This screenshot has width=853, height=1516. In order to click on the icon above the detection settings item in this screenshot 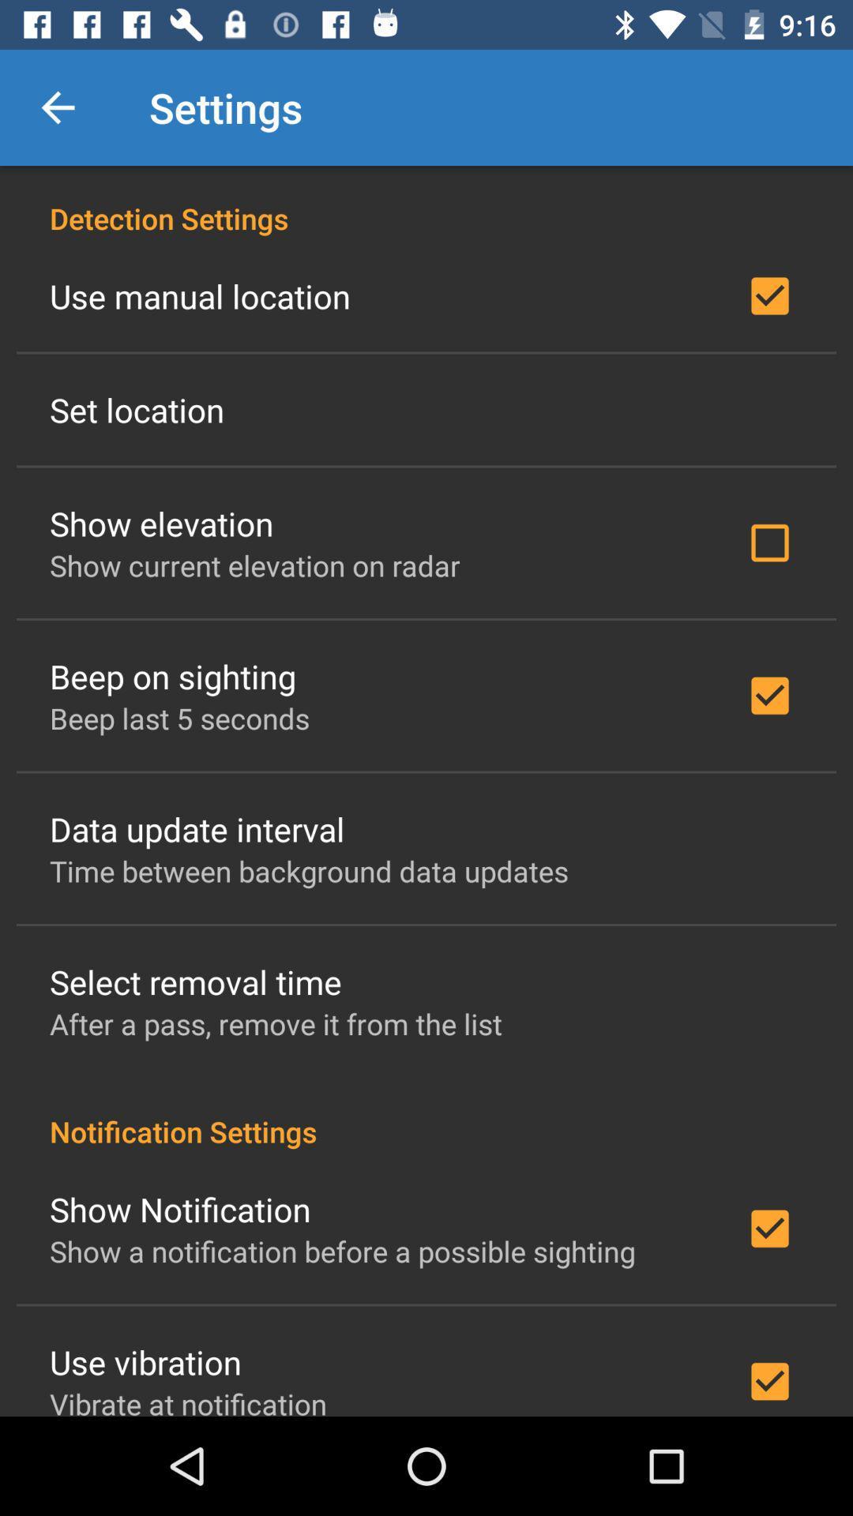, I will do `click(57, 107)`.